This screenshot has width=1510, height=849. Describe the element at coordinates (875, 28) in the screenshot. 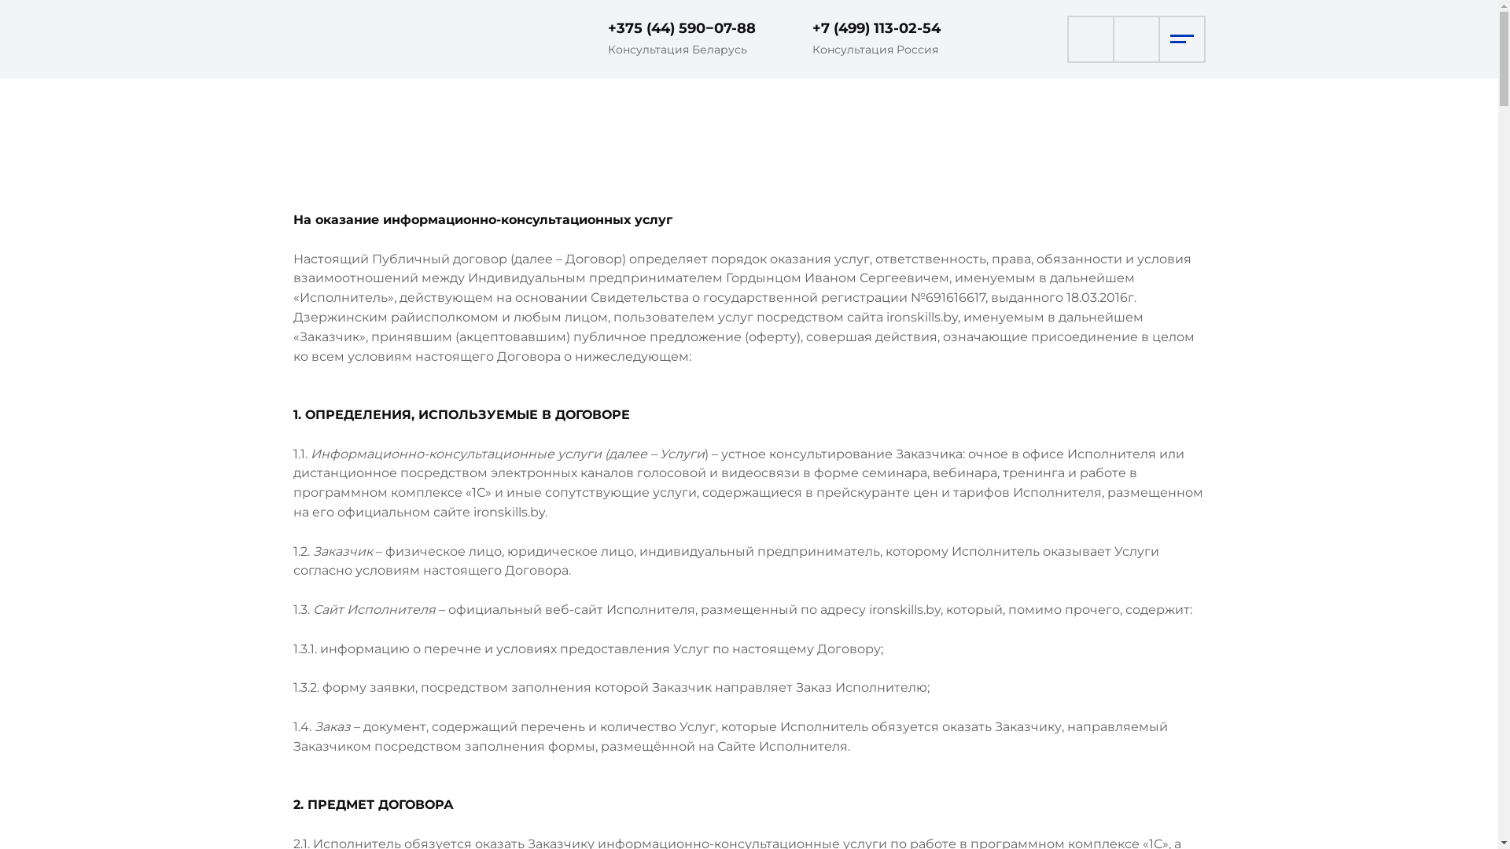

I see `'+7 (499) 113-02-54'` at that location.